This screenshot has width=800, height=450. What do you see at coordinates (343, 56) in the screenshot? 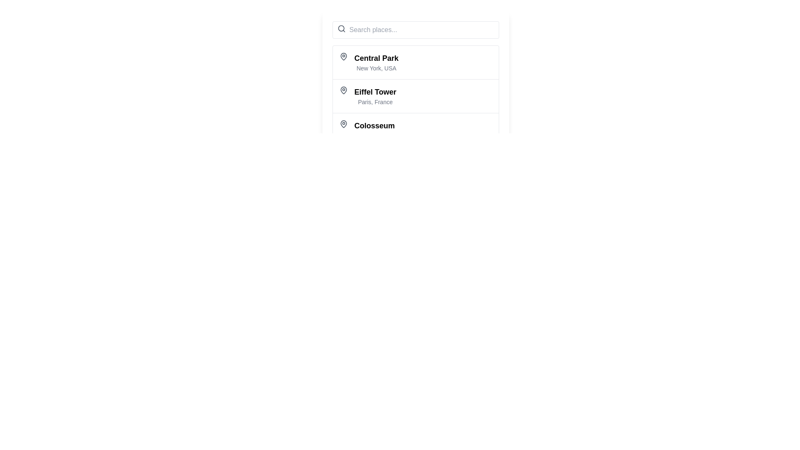
I see `the gray map pin icon located to the left of the 'Central Park' text entry` at bounding box center [343, 56].